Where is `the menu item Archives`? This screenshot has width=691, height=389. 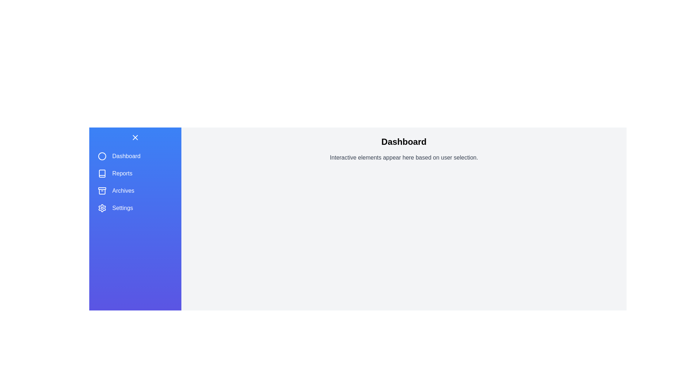
the menu item Archives is located at coordinates (135, 190).